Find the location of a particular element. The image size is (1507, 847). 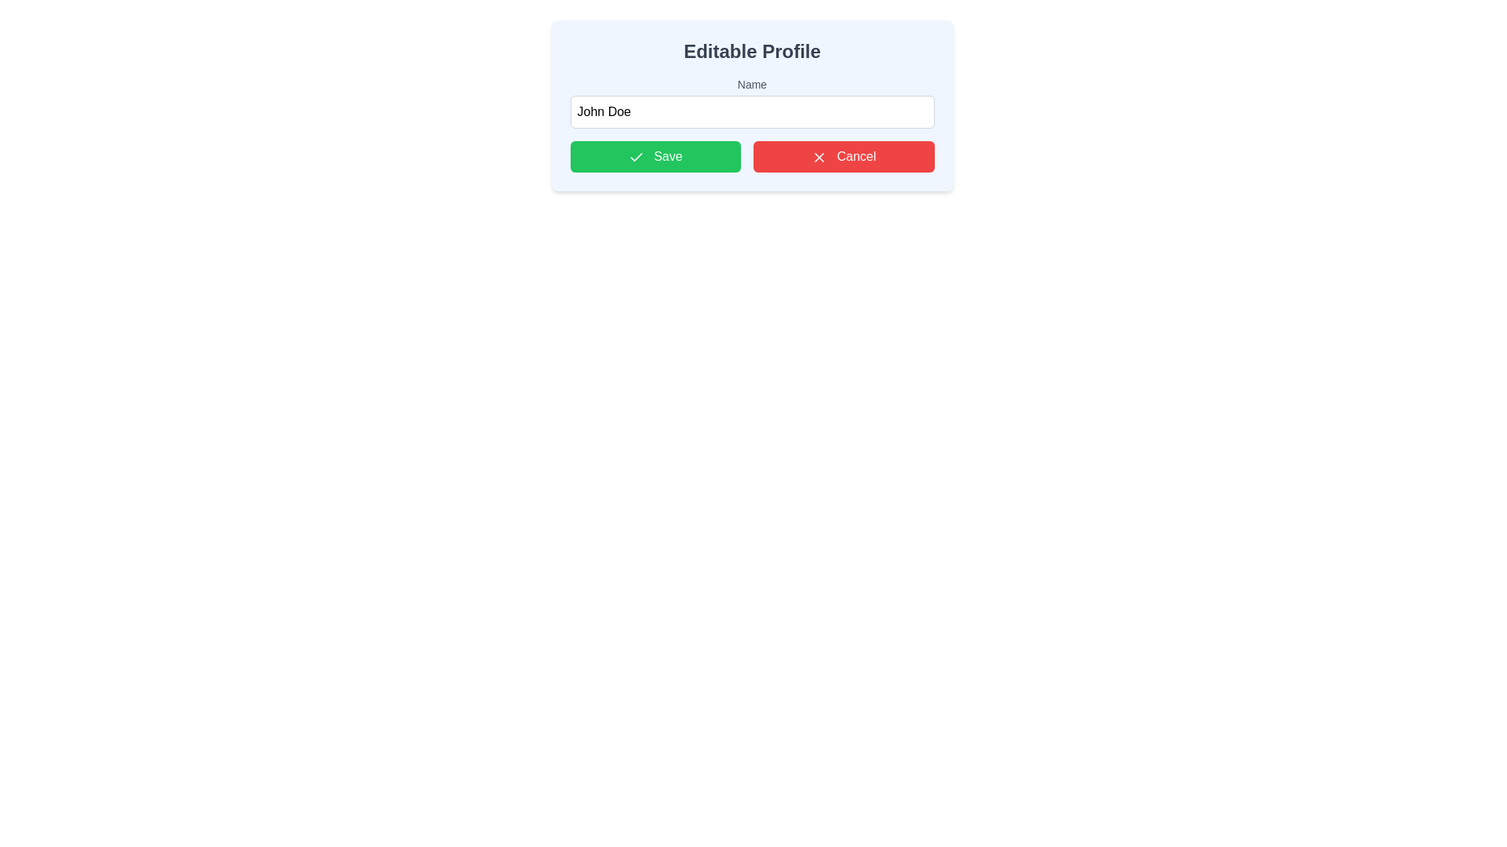

label displaying the word 'Name', which is positioned above the input field for better understanding of the input purpose is located at coordinates (751, 85).